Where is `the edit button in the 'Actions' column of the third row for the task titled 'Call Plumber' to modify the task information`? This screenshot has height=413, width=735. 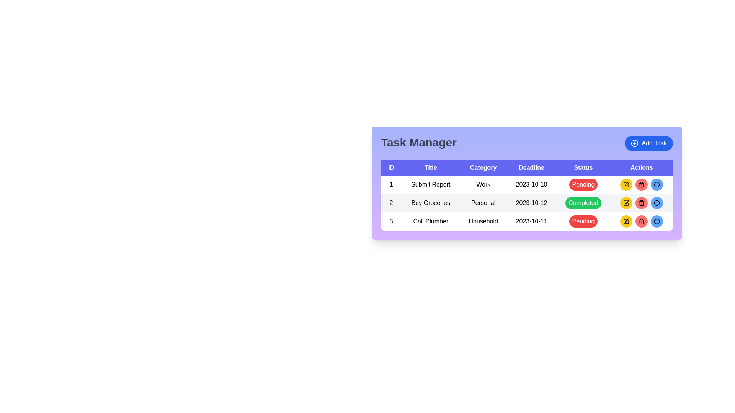 the edit button in the 'Actions' column of the third row for the task titled 'Call Plumber' to modify the task information is located at coordinates (626, 203).